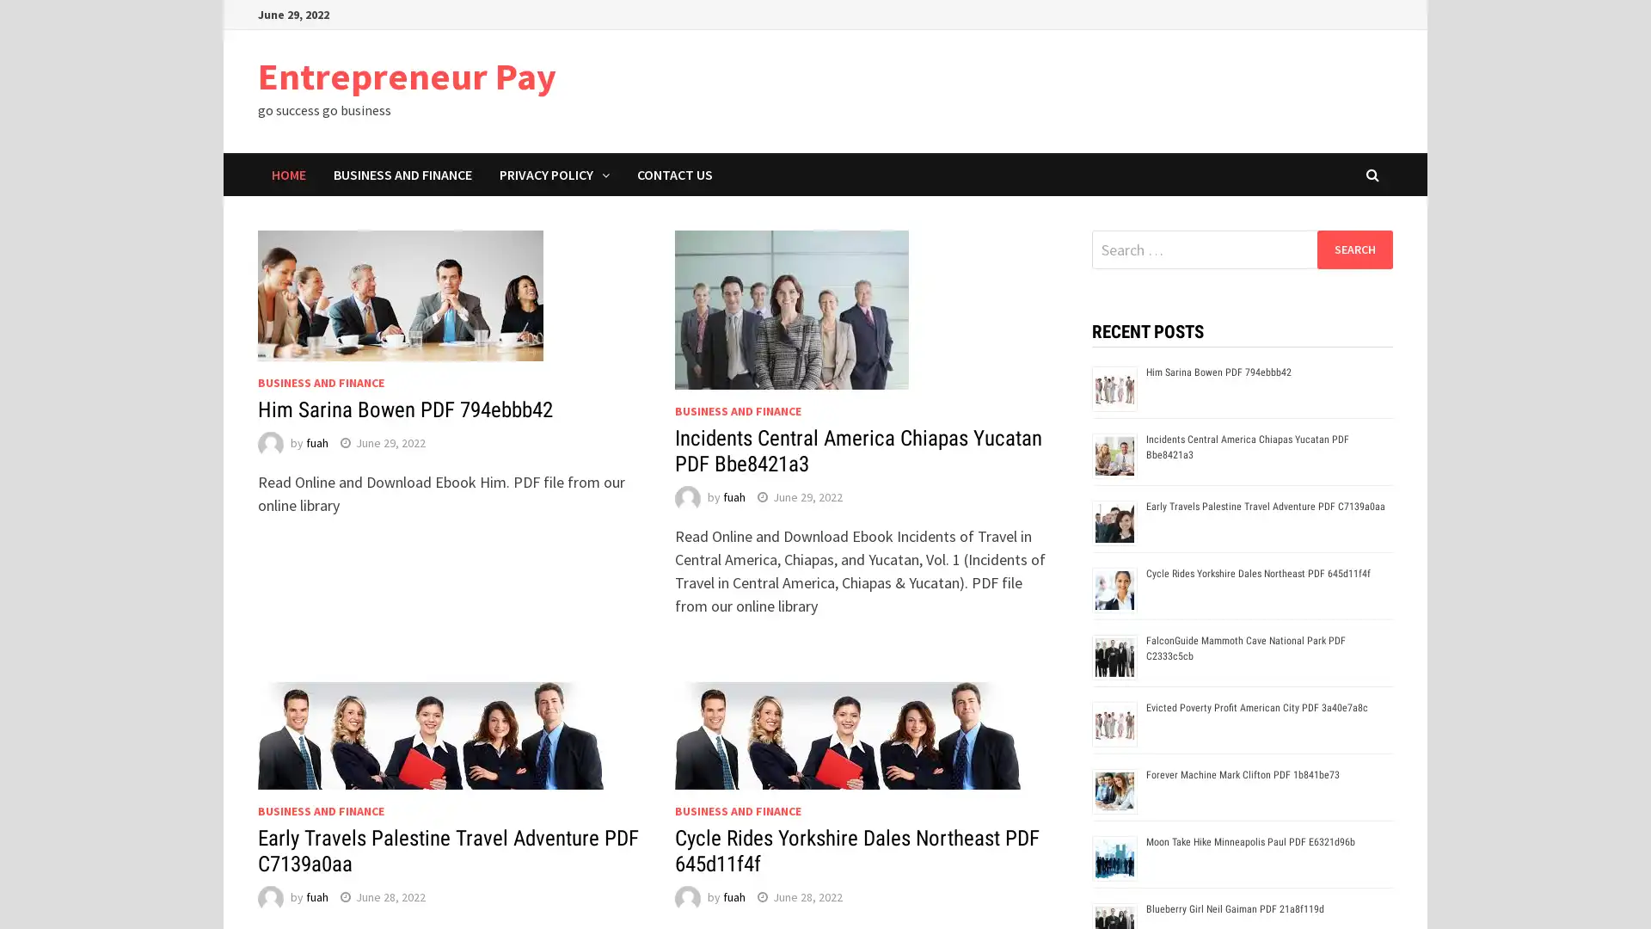 Image resolution: width=1651 pixels, height=929 pixels. Describe the element at coordinates (1353, 249) in the screenshot. I see `Search` at that location.